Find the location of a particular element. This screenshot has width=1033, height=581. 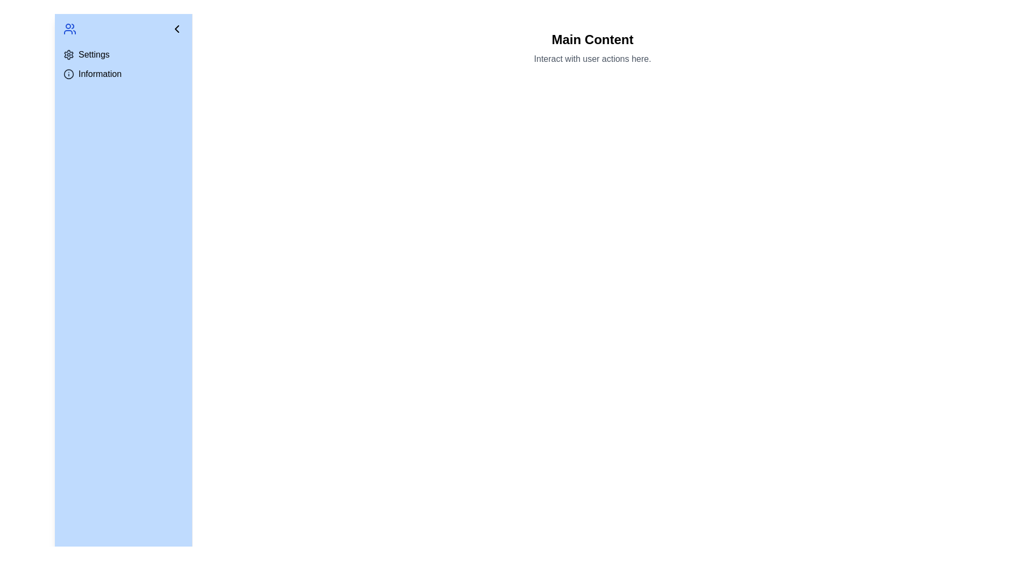

the circular gray information icon located in the left sidebar next to the 'Information' text label is located at coordinates (68, 74).